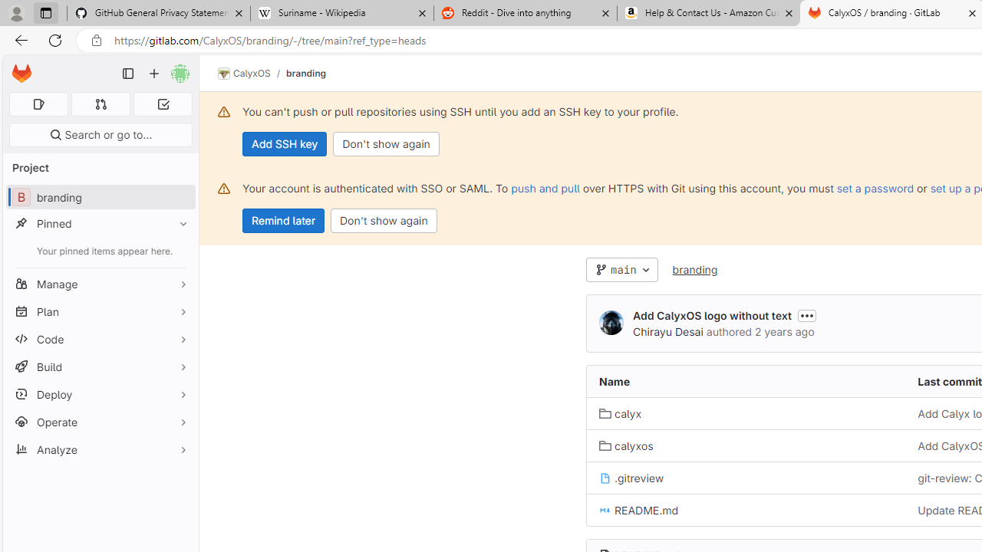 The image size is (982, 552). I want to click on 'Create new...', so click(154, 74).